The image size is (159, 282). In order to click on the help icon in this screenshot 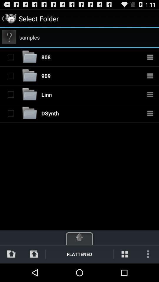, I will do `click(9, 39)`.